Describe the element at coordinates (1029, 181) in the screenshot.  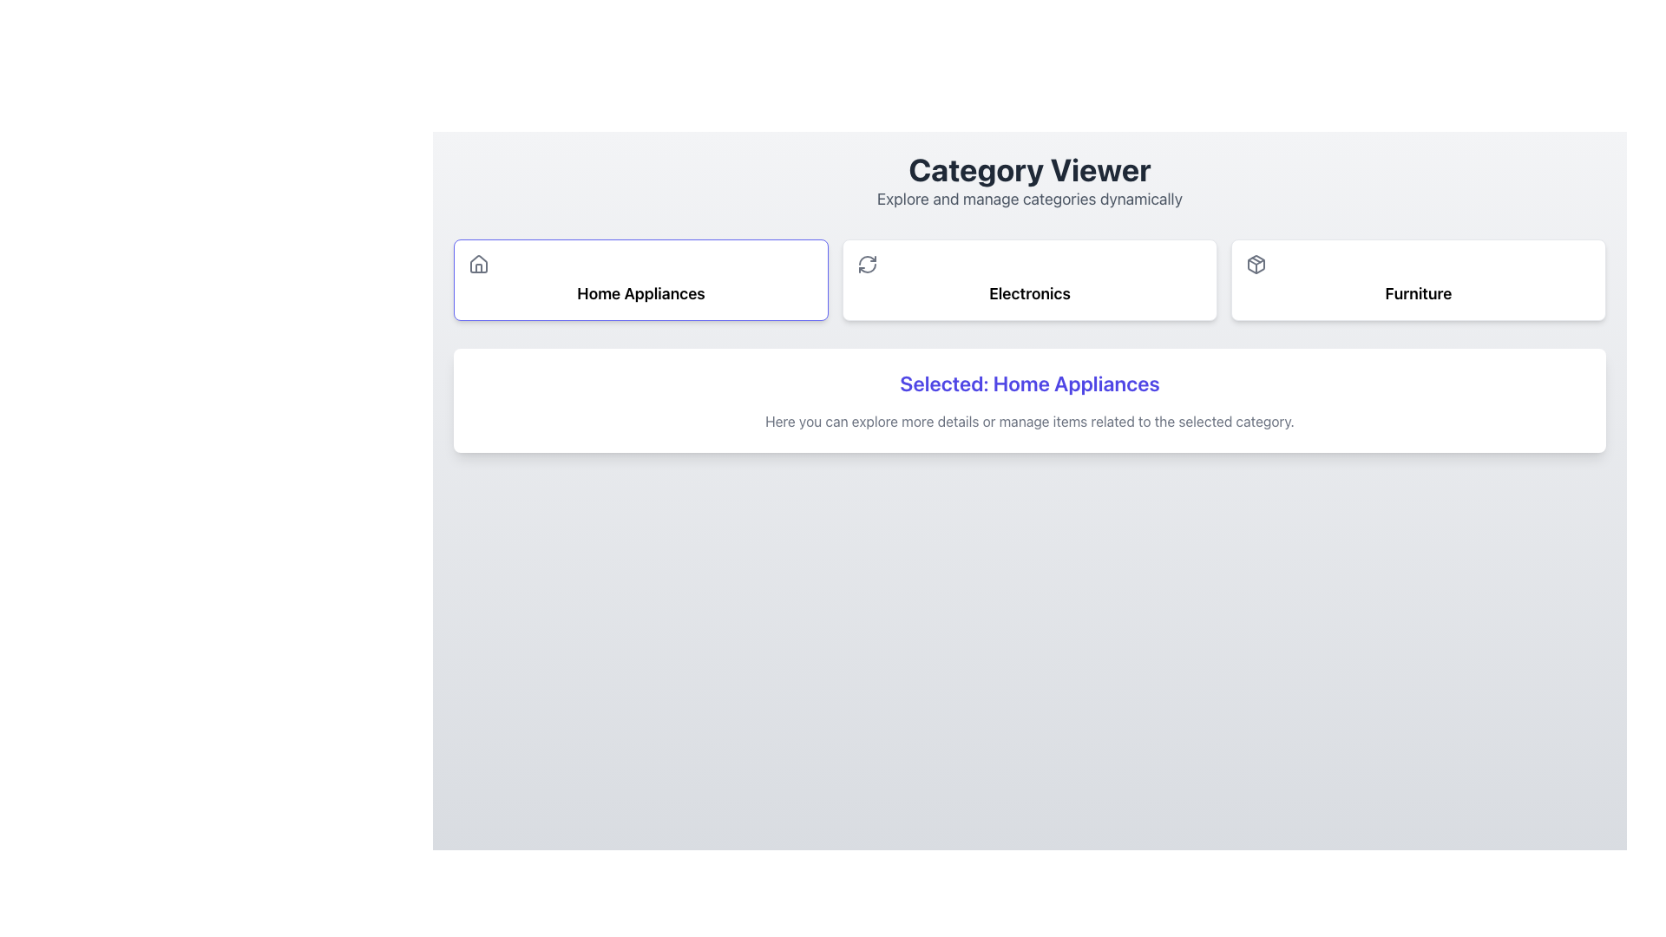
I see `the descriptive header indicating the interface for viewing and managing categories, located above the category buttons` at that location.